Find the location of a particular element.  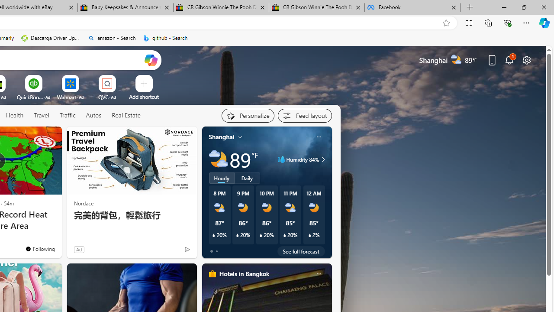

'Humidity 84%' is located at coordinates (322, 159).